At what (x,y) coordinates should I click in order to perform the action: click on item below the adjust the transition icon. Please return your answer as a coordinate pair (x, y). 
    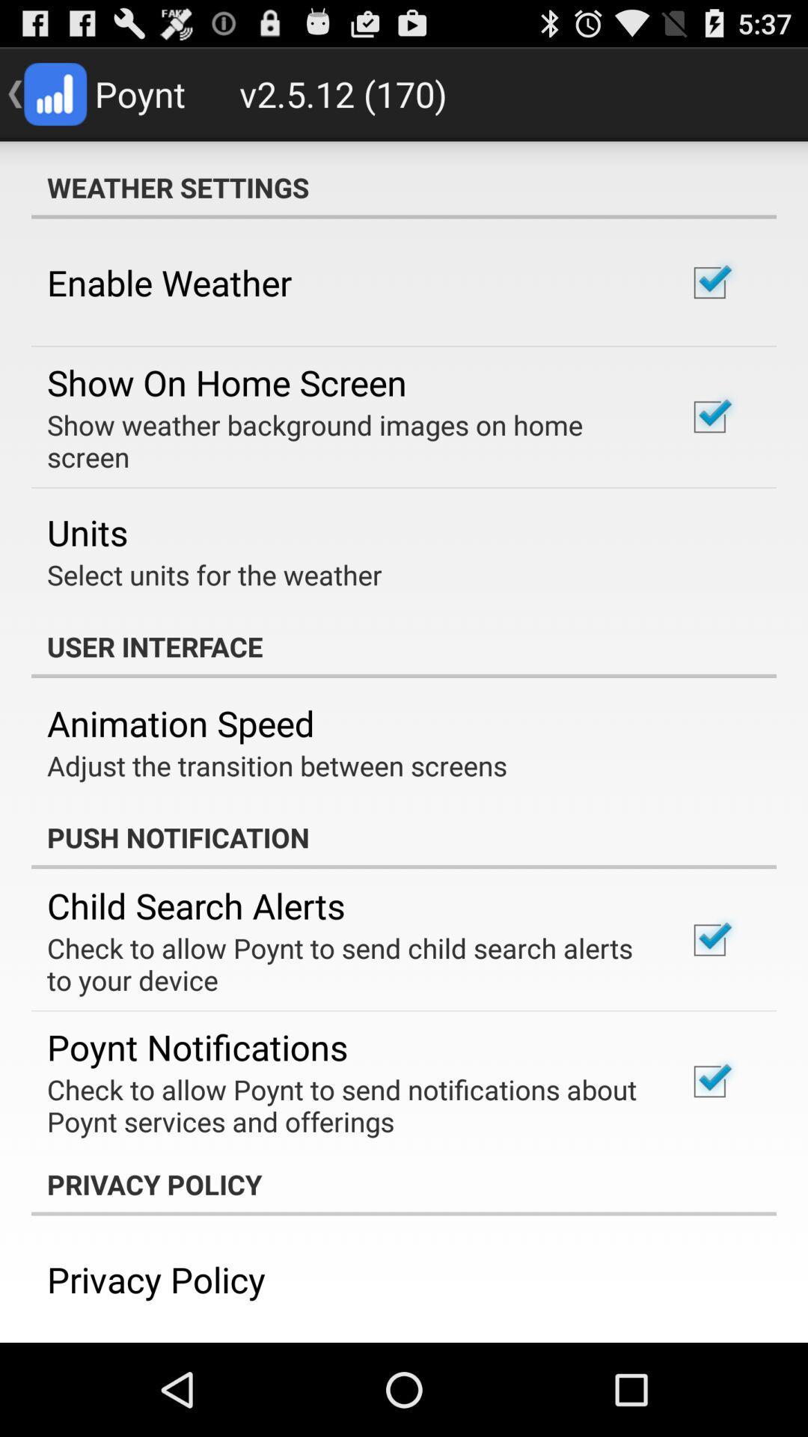
    Looking at the image, I should click on (404, 836).